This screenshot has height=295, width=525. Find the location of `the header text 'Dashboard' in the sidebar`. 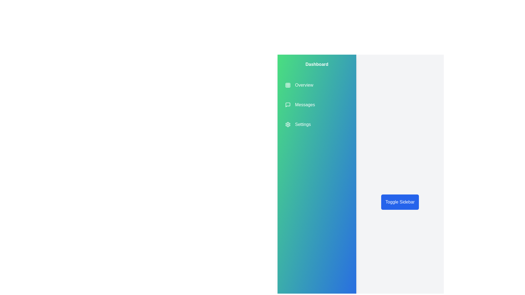

the header text 'Dashboard' in the sidebar is located at coordinates (317, 64).